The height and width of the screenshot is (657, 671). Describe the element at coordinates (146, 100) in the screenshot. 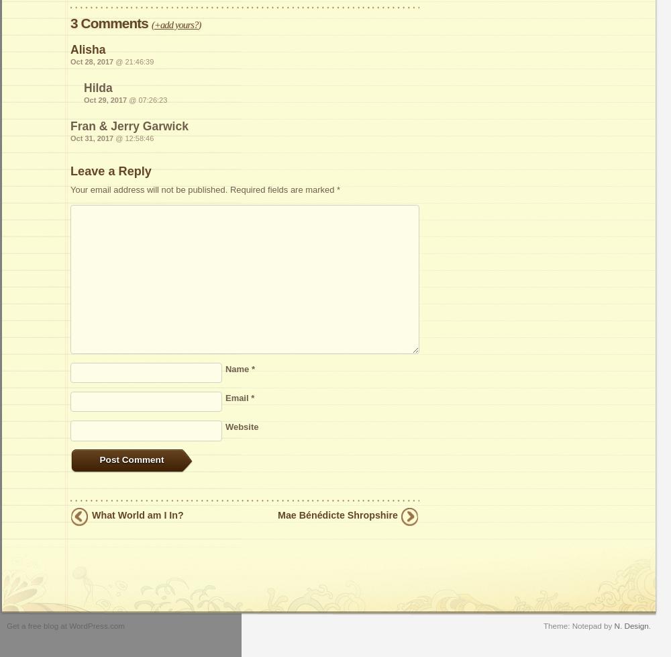

I see `'@ 07:26:23'` at that location.